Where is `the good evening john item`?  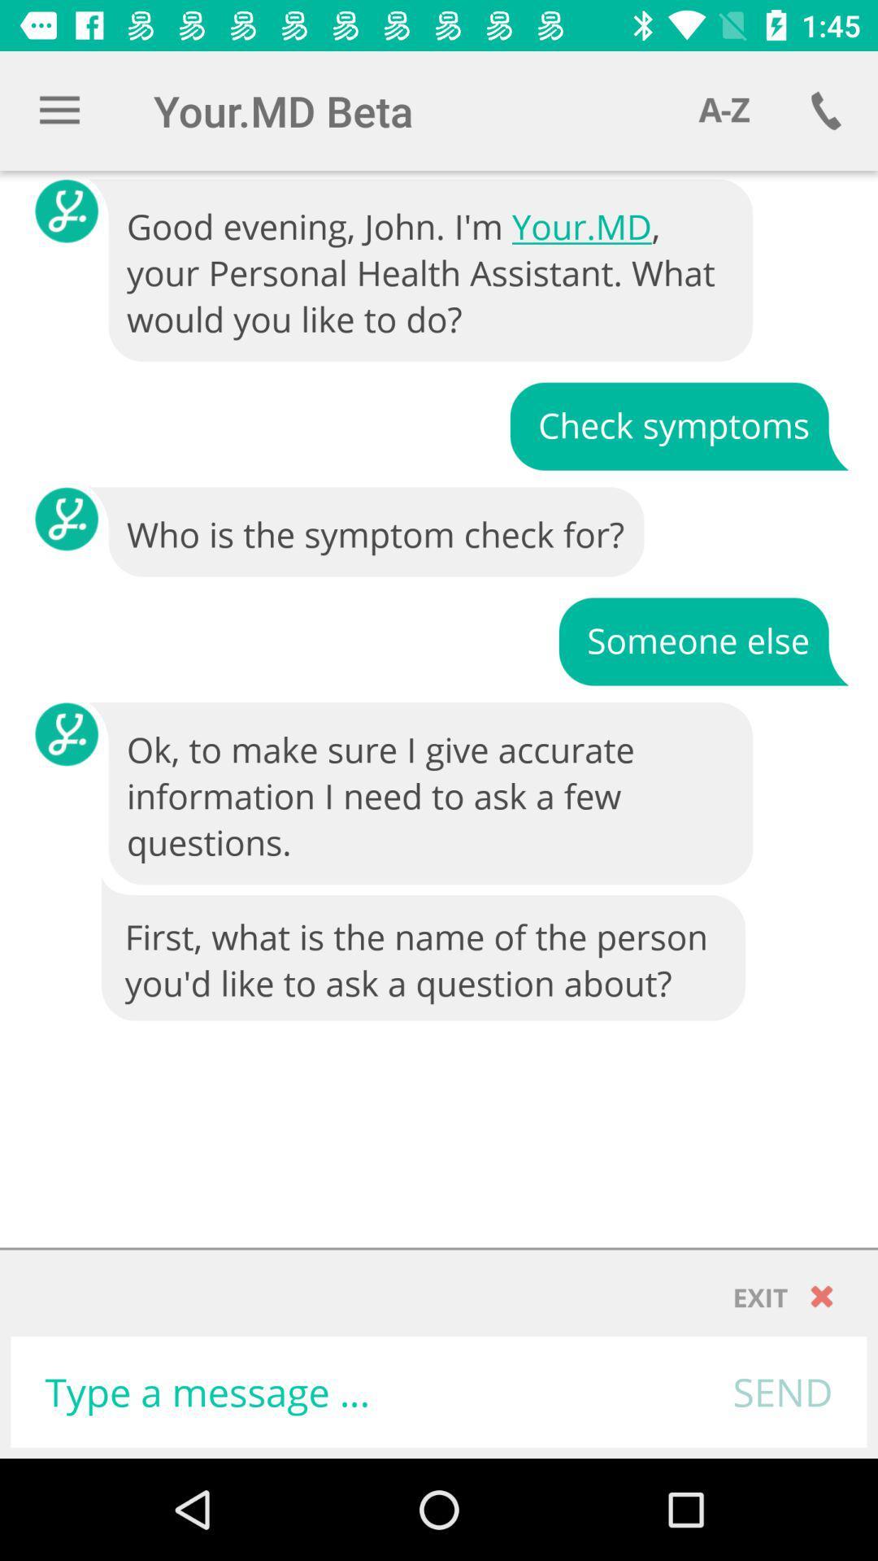
the good evening john item is located at coordinates (421, 271).